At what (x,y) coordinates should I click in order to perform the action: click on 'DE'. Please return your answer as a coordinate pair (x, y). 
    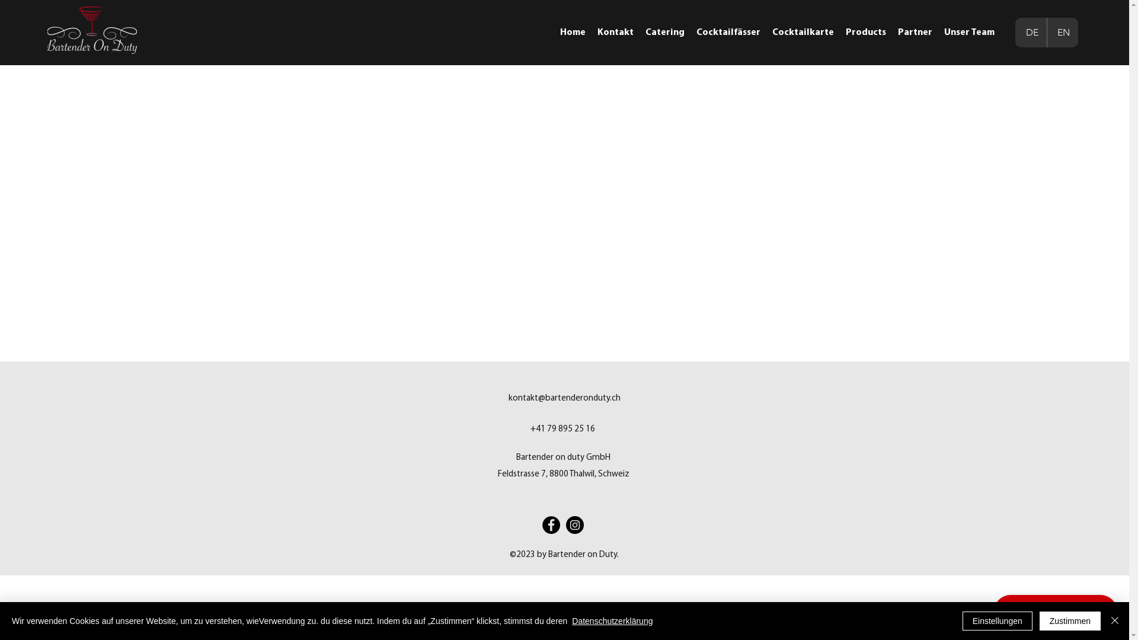
    Looking at the image, I should click on (1015, 31).